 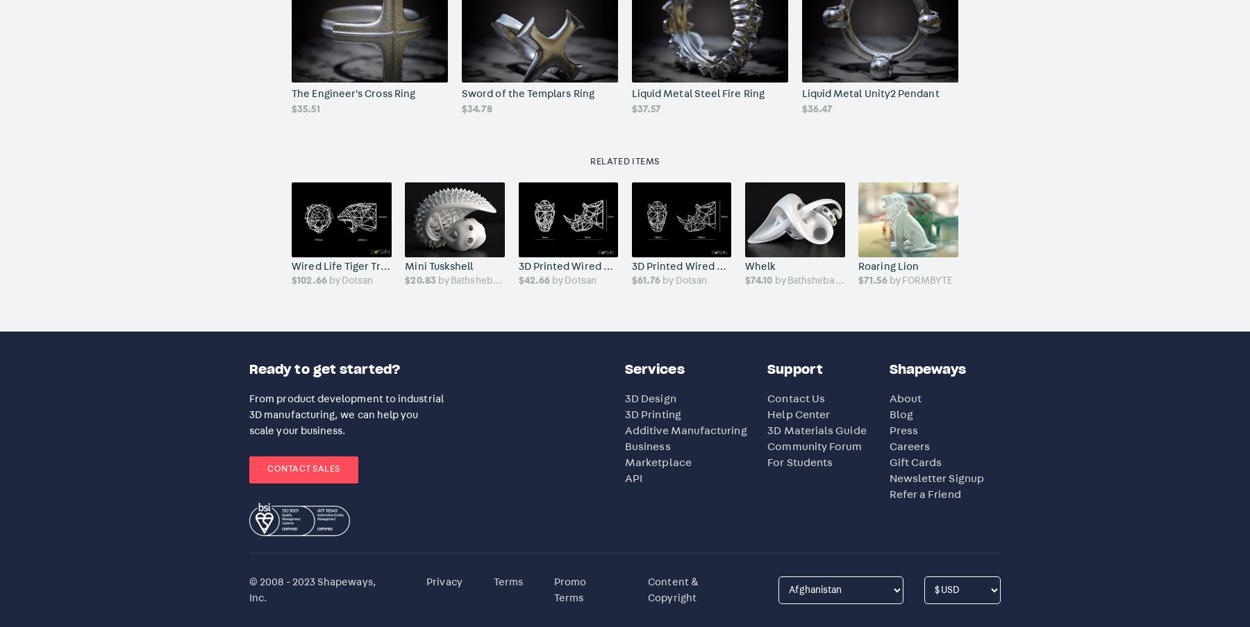 What do you see at coordinates (569, 590) in the screenshot?
I see `'Promo Terms'` at bounding box center [569, 590].